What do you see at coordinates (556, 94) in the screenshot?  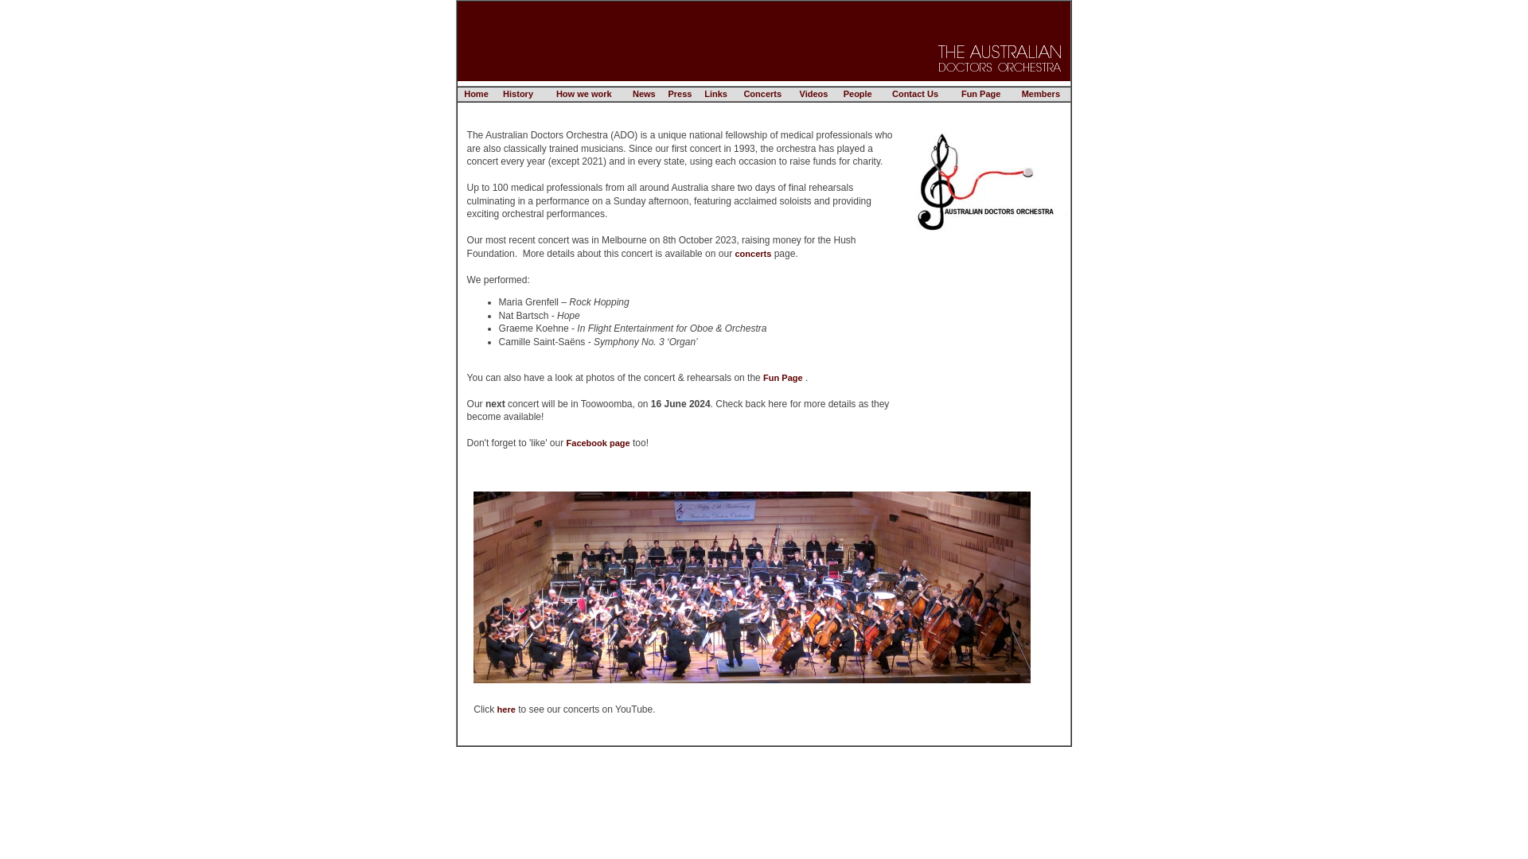 I see `'How we work'` at bounding box center [556, 94].